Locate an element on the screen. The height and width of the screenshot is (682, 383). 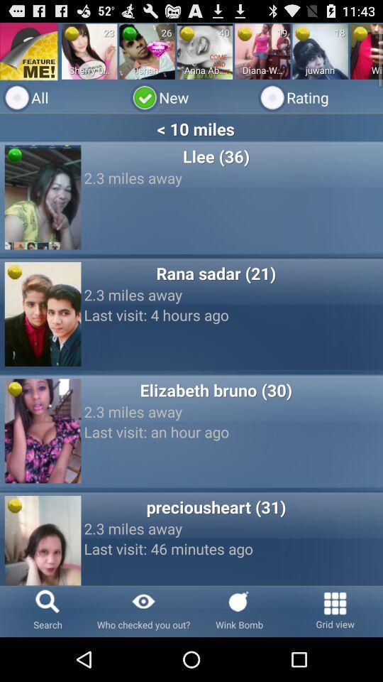
icon to the left of 23 app is located at coordinates (71, 33).